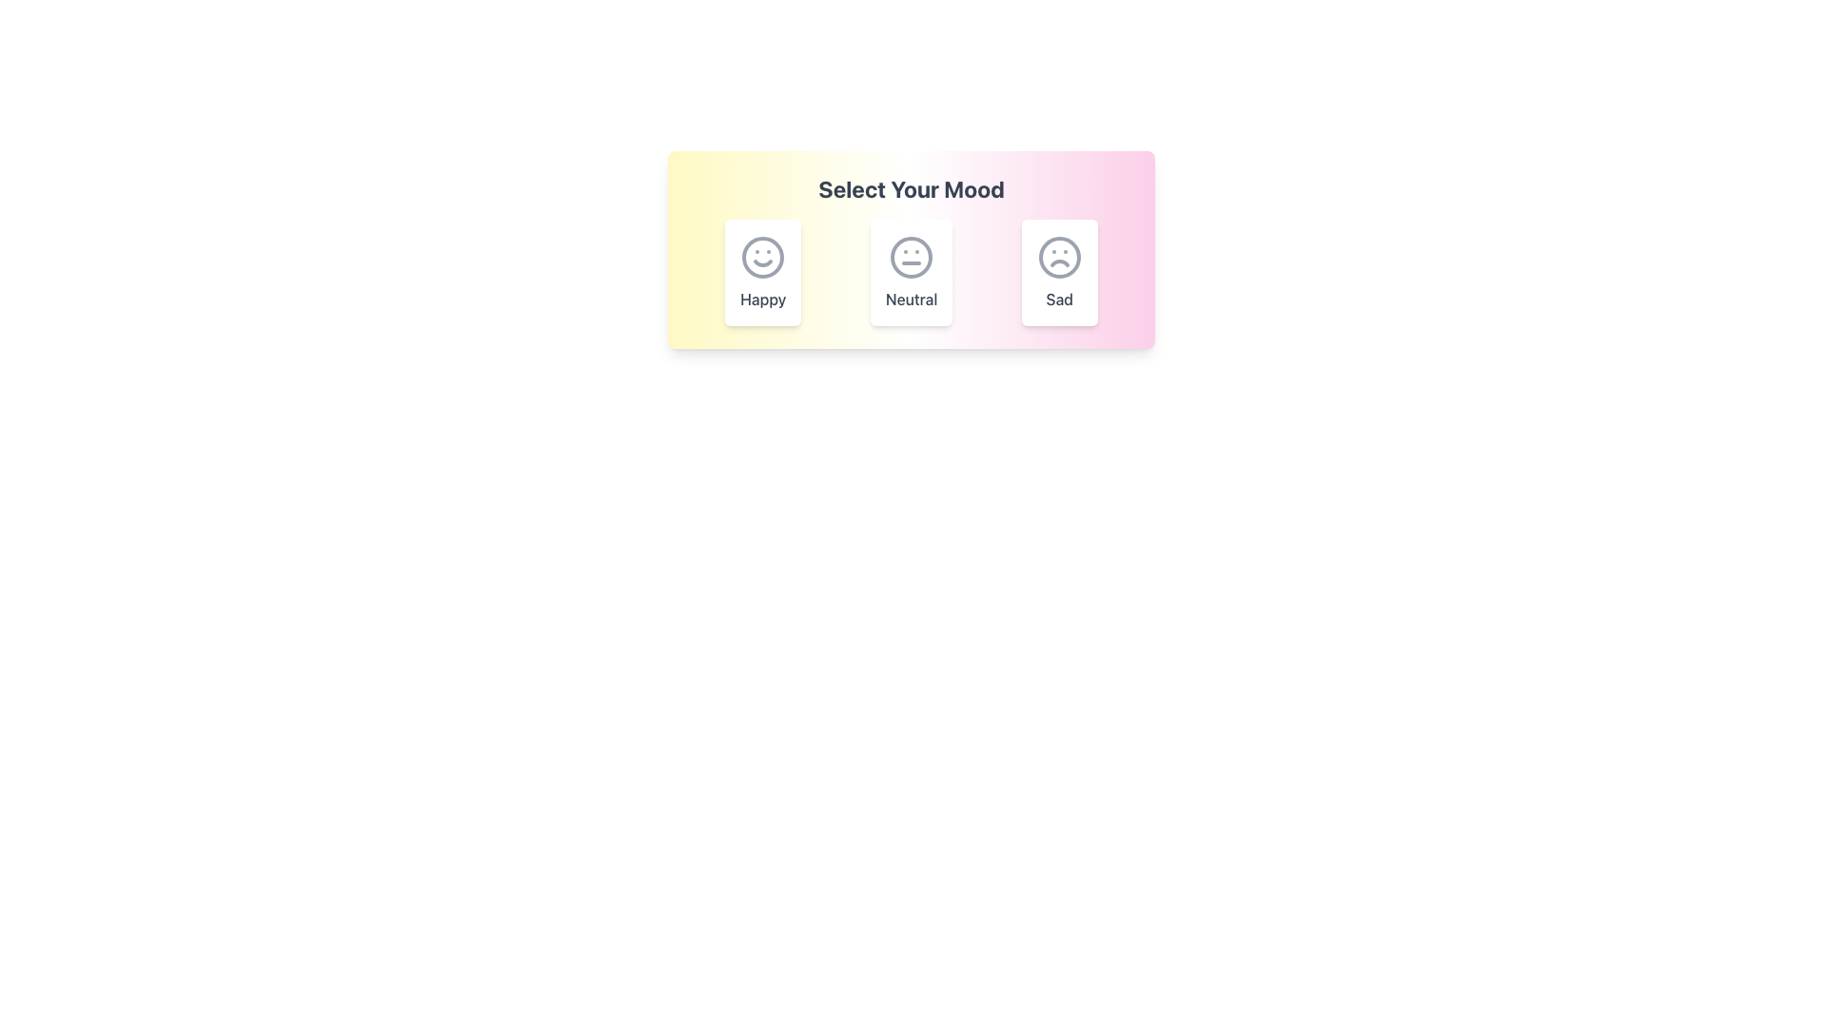 This screenshot has height=1027, width=1827. What do you see at coordinates (763, 263) in the screenshot?
I see `the smile expression icon of the happy face, which is part of the mood selection interface located on the leftmost side among three mood icons` at bounding box center [763, 263].